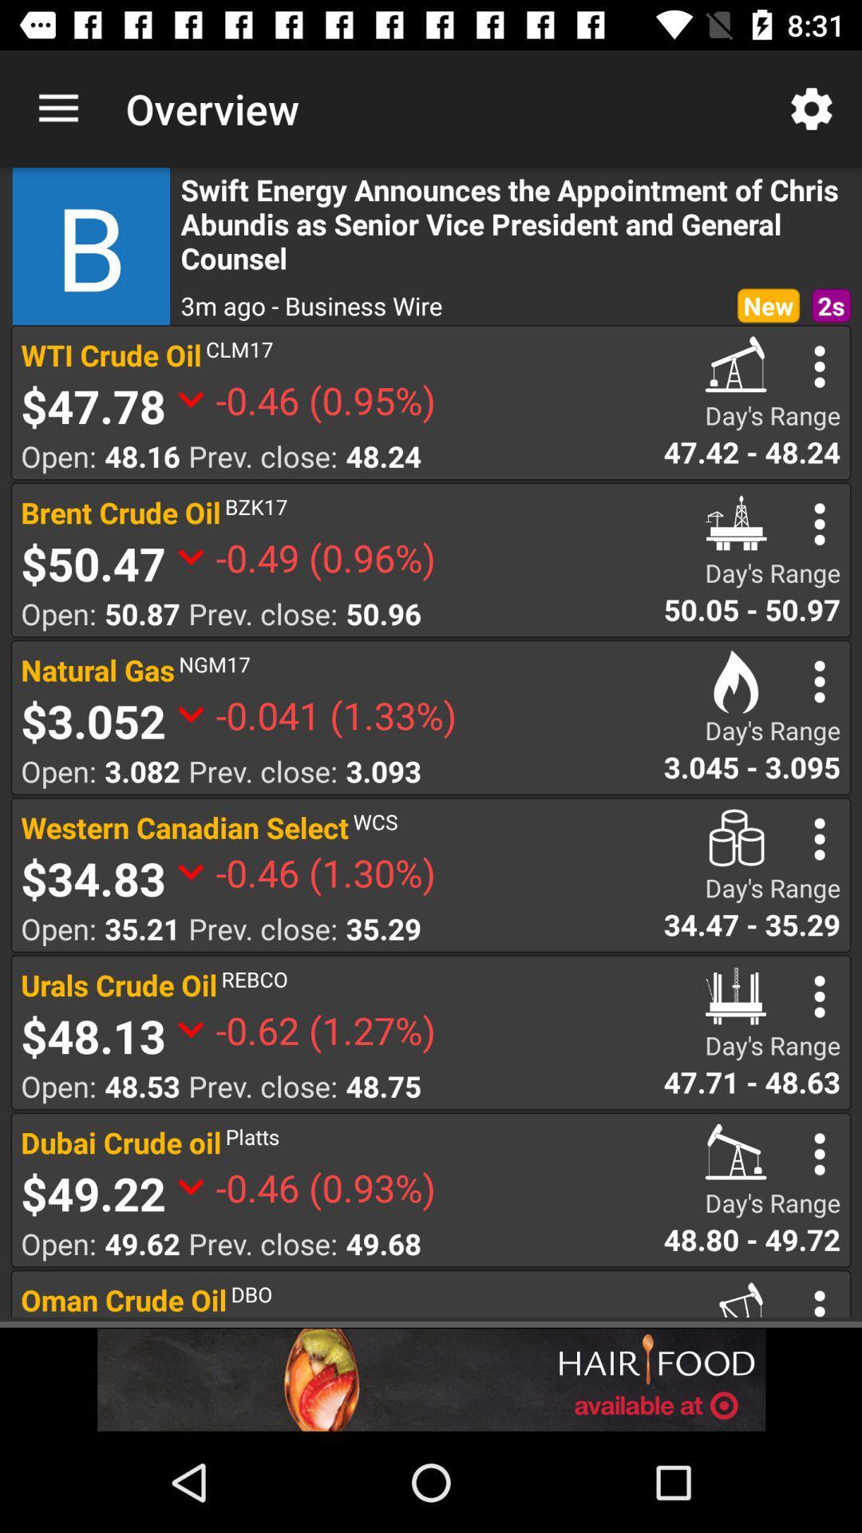  What do you see at coordinates (820, 366) in the screenshot?
I see `setting` at bounding box center [820, 366].